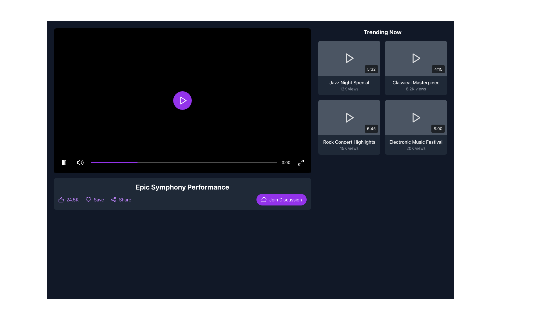 The height and width of the screenshot is (313, 557). Describe the element at coordinates (349, 117) in the screenshot. I see `the play button in the 'Rock Concert Highlights' video thumbnail` at that location.